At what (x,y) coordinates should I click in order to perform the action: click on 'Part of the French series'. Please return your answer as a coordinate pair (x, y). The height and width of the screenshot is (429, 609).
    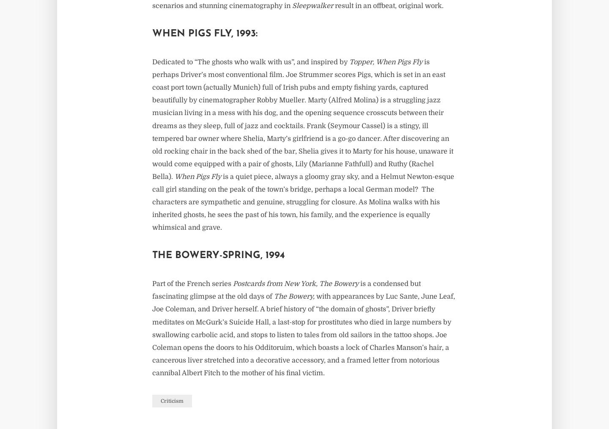
    Looking at the image, I should click on (192, 283).